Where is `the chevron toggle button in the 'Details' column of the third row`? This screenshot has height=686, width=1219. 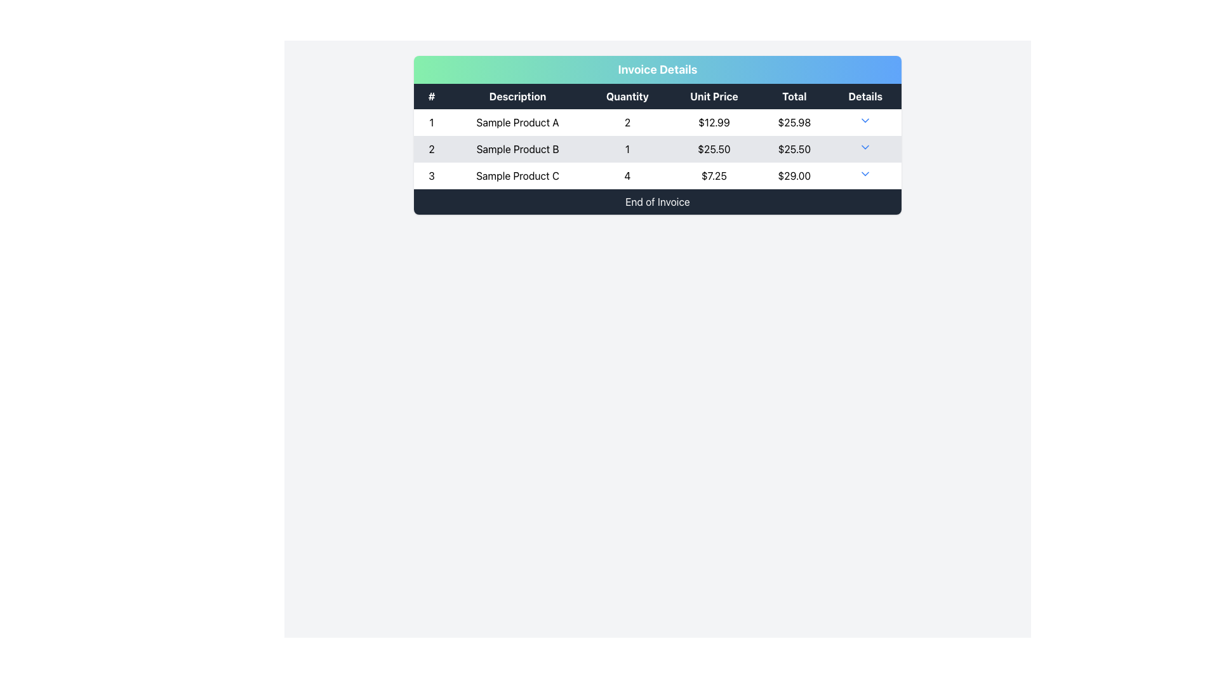
the chevron toggle button in the 'Details' column of the third row is located at coordinates (865, 176).